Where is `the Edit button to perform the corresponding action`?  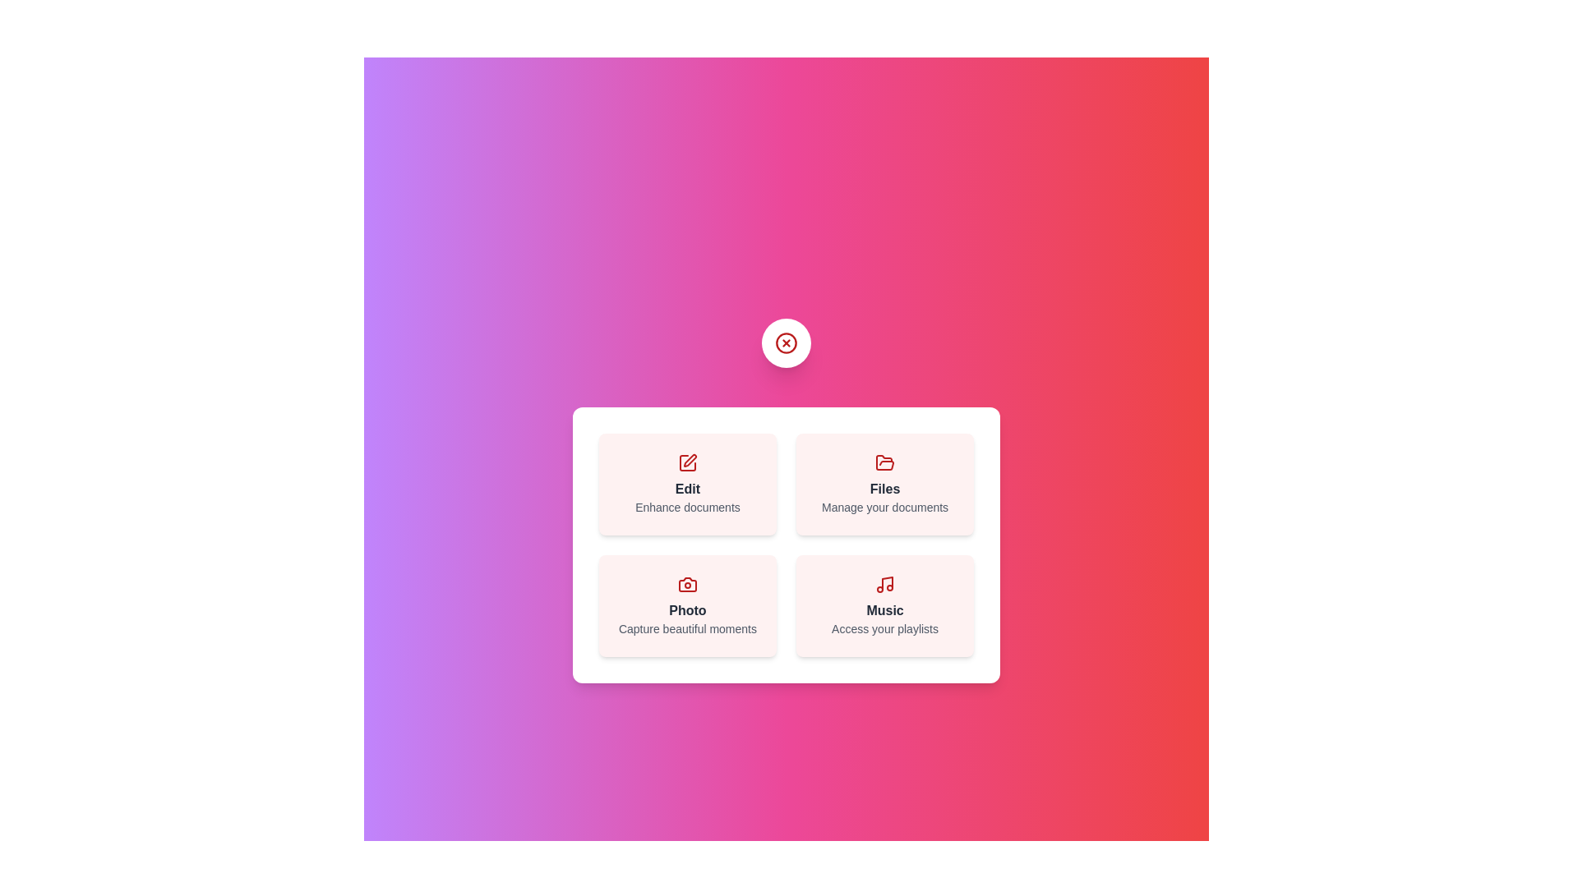
the Edit button to perform the corresponding action is located at coordinates (687, 484).